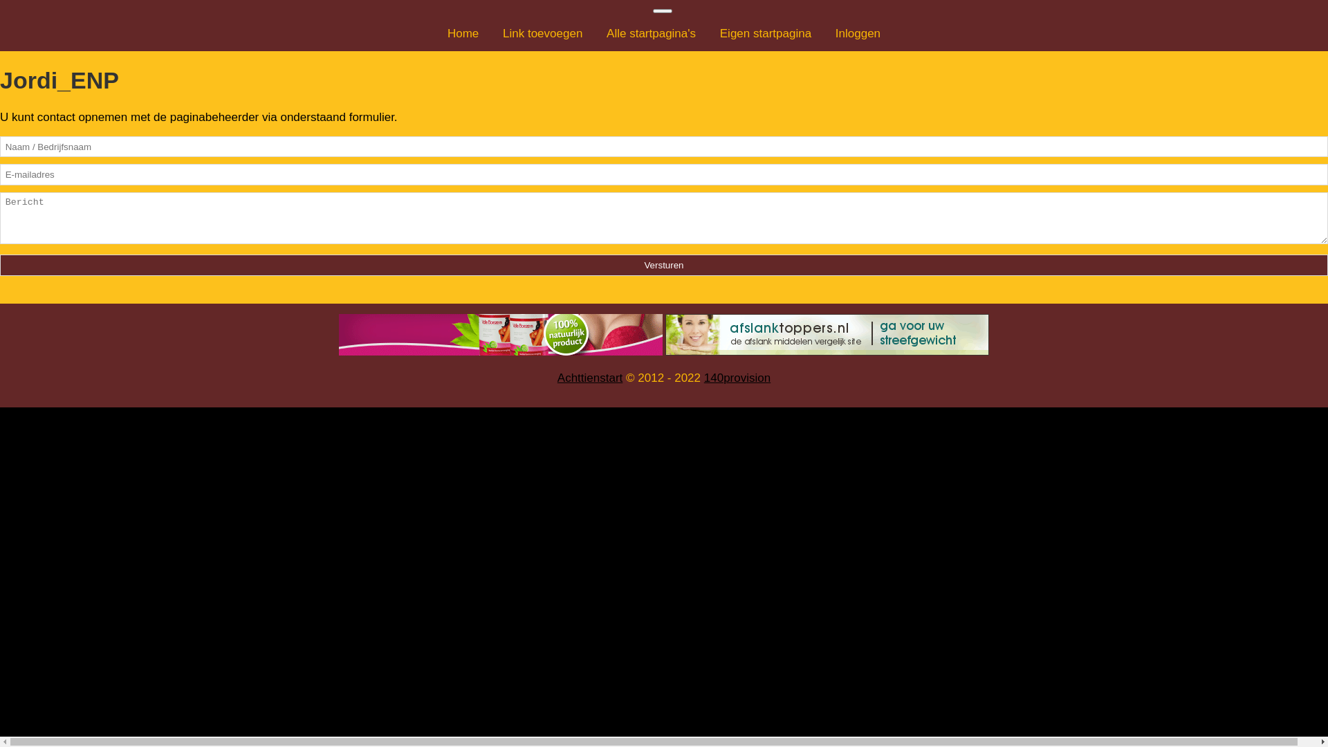 This screenshot has width=1328, height=747. Describe the element at coordinates (736, 378) in the screenshot. I see `'140provision'` at that location.